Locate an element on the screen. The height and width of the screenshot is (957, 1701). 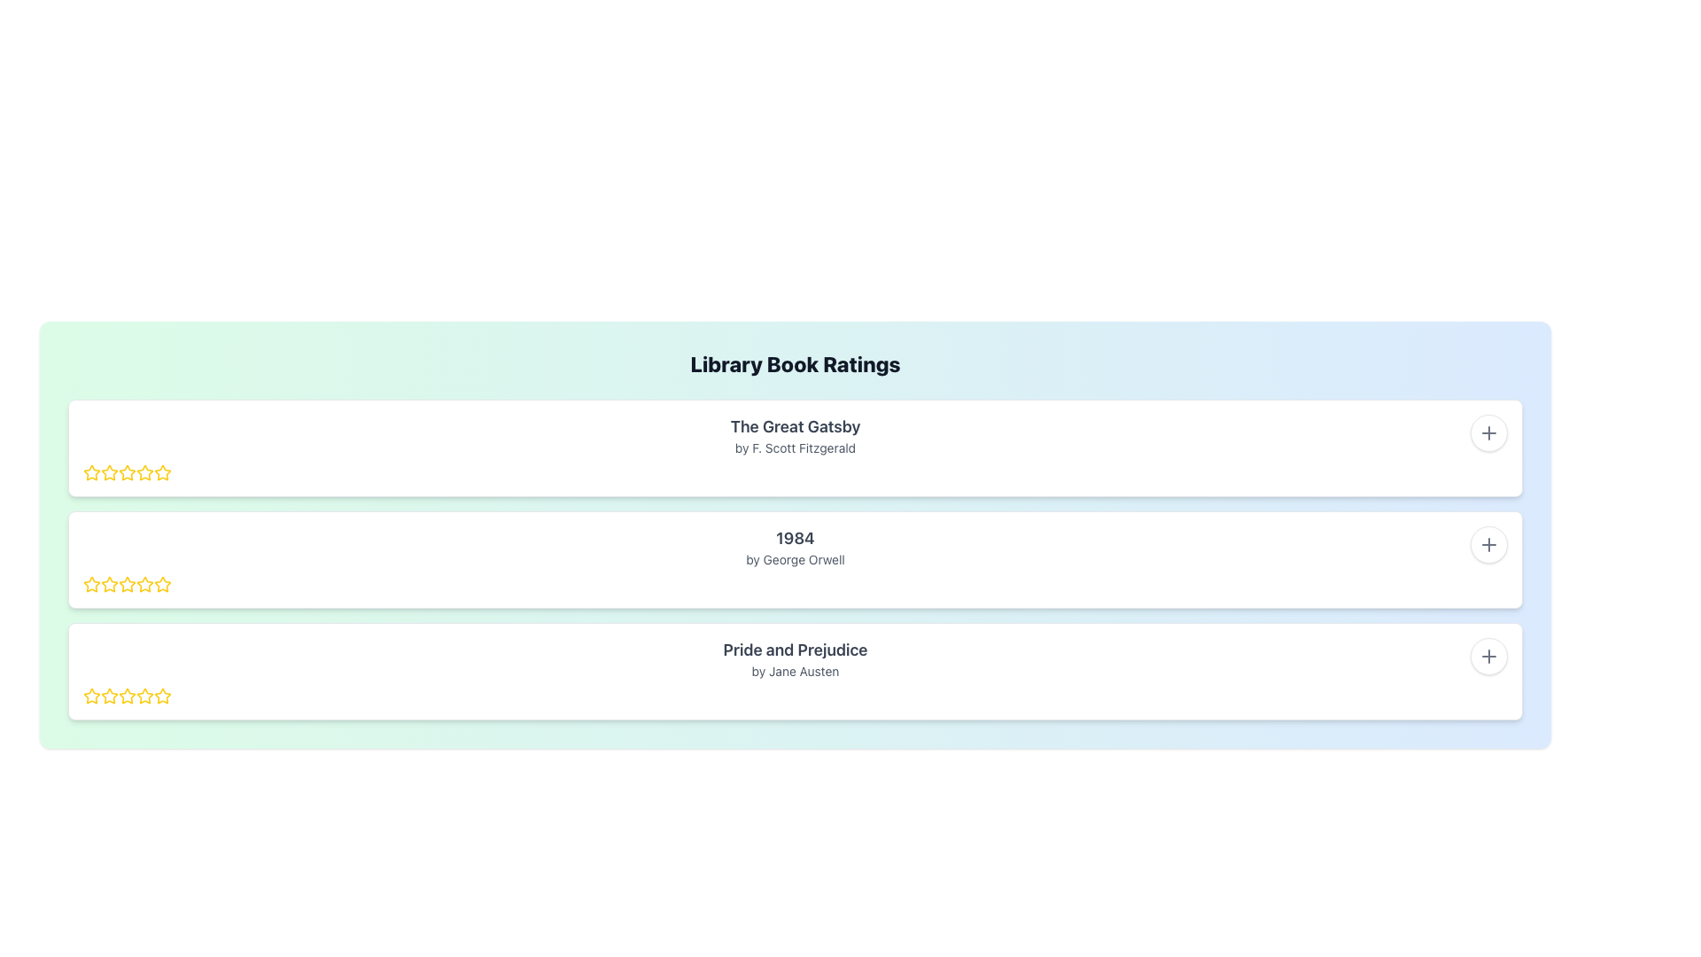
the second star icon in the horizontal rating bar of the '1984' section in the Library Book Ratings interface to rate it is located at coordinates (144, 584).